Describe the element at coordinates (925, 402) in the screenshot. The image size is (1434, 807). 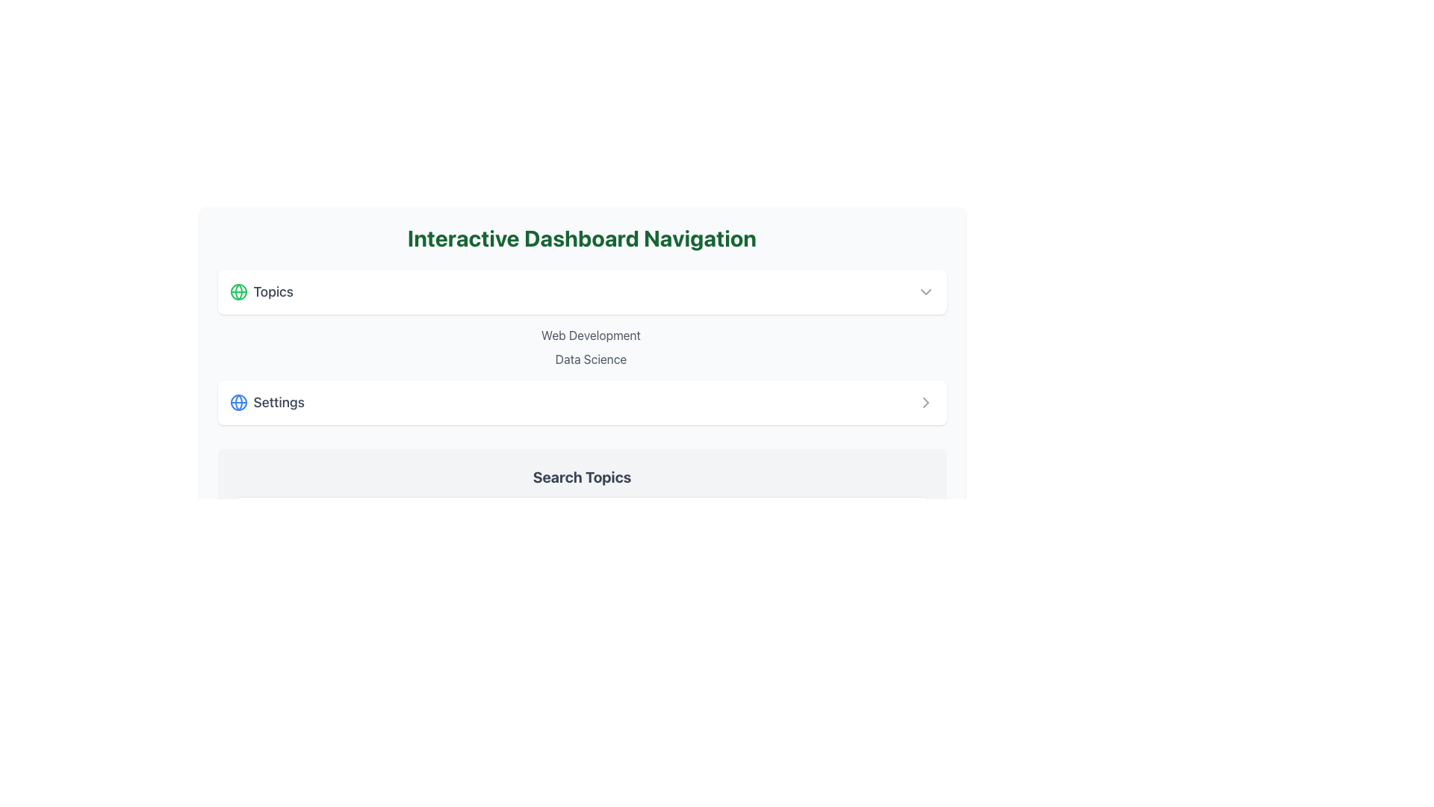
I see `the Chevron Icon located at the rightmost side of the 'Settings' menu option` at that location.